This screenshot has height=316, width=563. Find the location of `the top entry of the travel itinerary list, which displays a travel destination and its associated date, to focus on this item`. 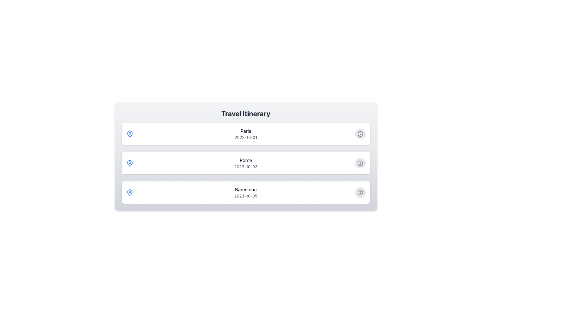

the top entry of the travel itinerary list, which displays a travel destination and its associated date, to focus on this item is located at coordinates (246, 134).